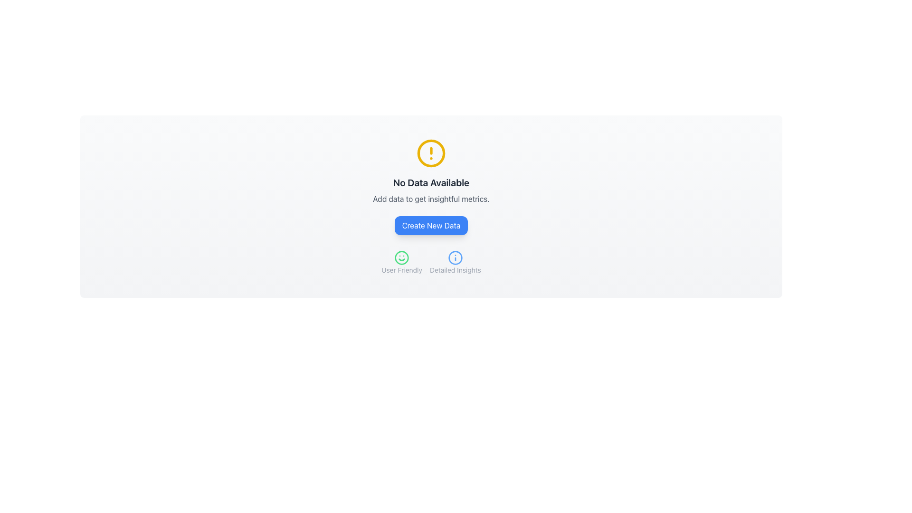 The height and width of the screenshot is (513, 912). I want to click on the Text Block element displaying 'No Data Available' with the message 'Add data to get insightful metrics.', so click(430, 190).